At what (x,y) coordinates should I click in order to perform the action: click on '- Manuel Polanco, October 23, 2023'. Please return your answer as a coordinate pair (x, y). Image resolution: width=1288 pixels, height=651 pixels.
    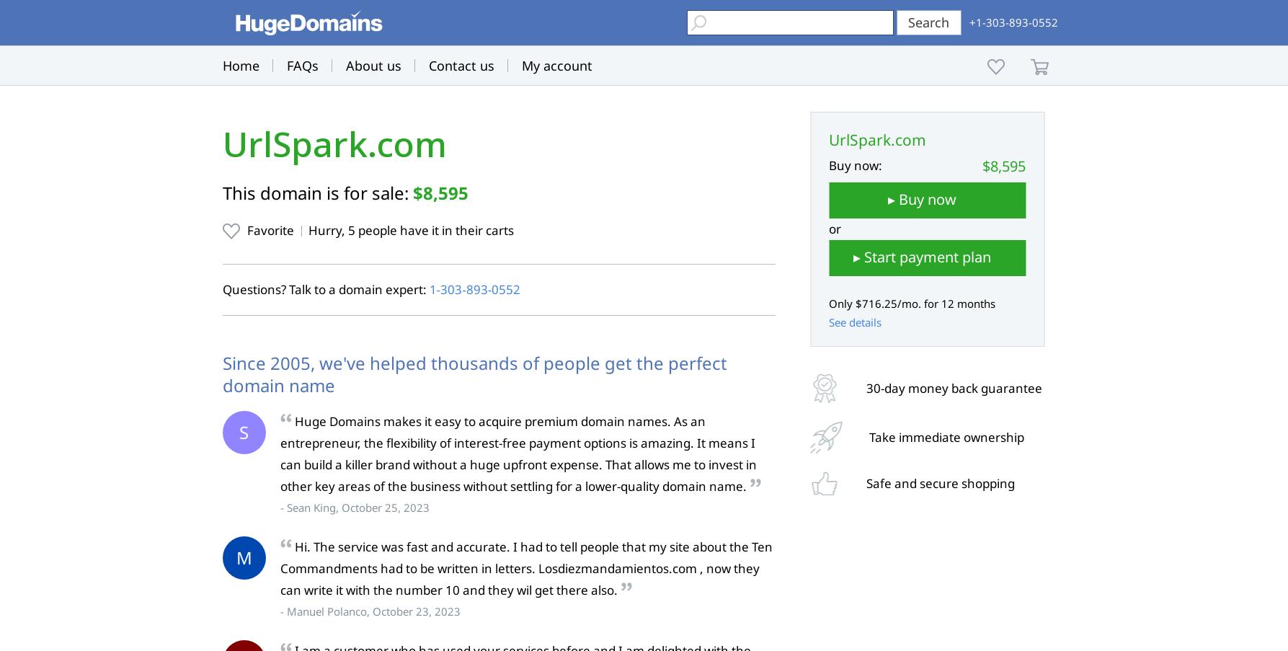
    Looking at the image, I should click on (370, 611).